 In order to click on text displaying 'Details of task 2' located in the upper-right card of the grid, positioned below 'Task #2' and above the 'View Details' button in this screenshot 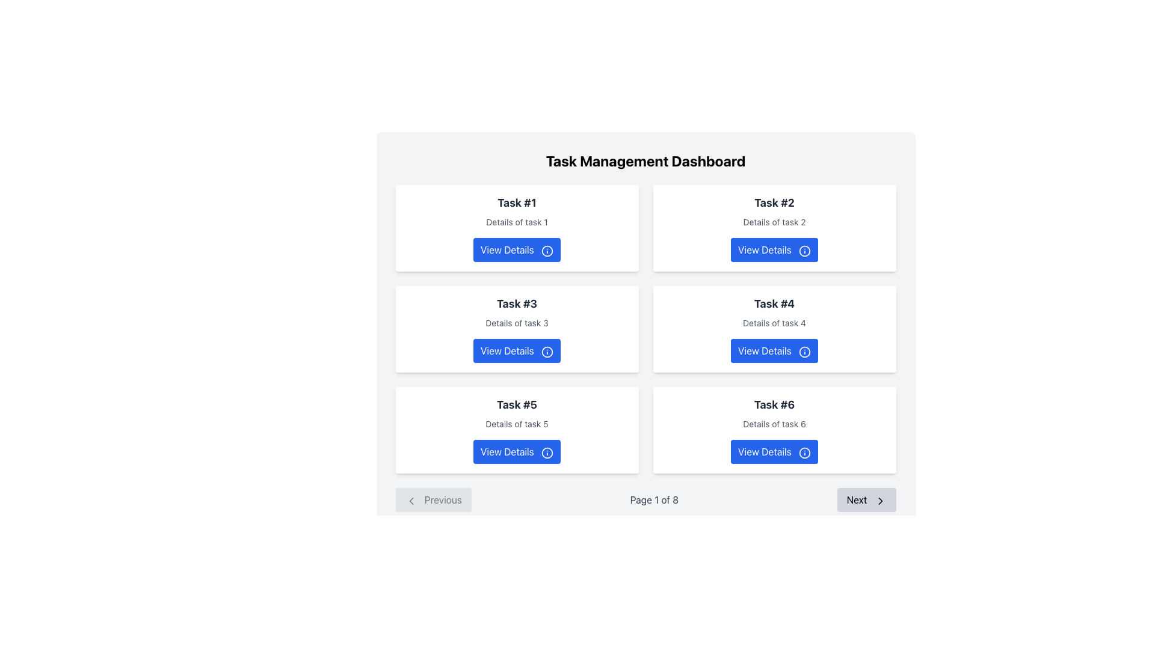, I will do `click(774, 222)`.